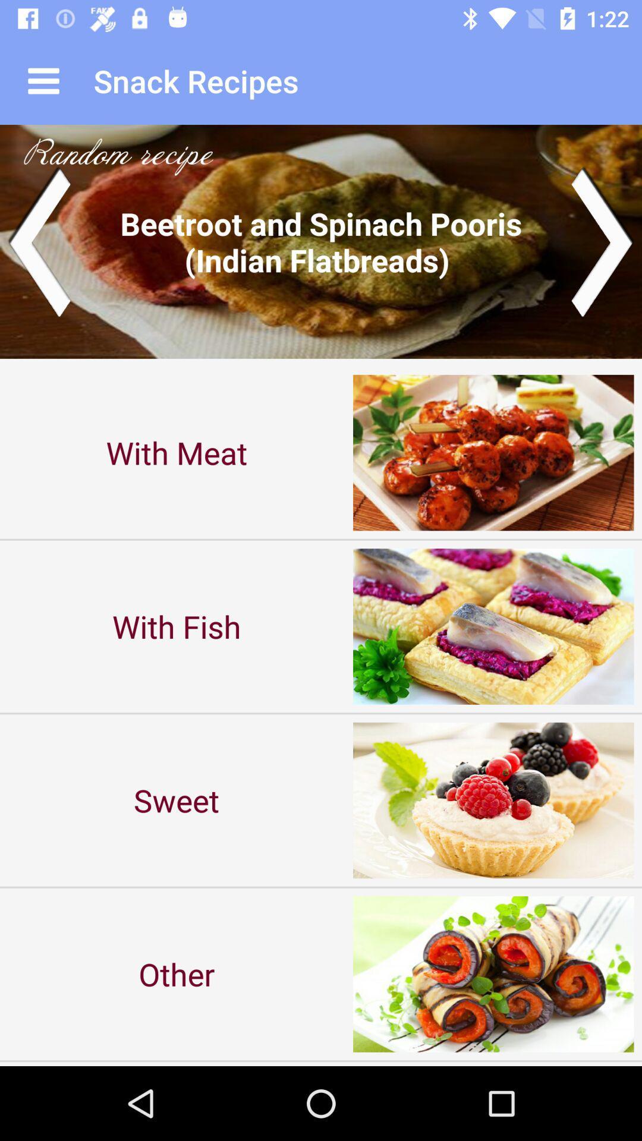  What do you see at coordinates (177, 452) in the screenshot?
I see `with meat item` at bounding box center [177, 452].